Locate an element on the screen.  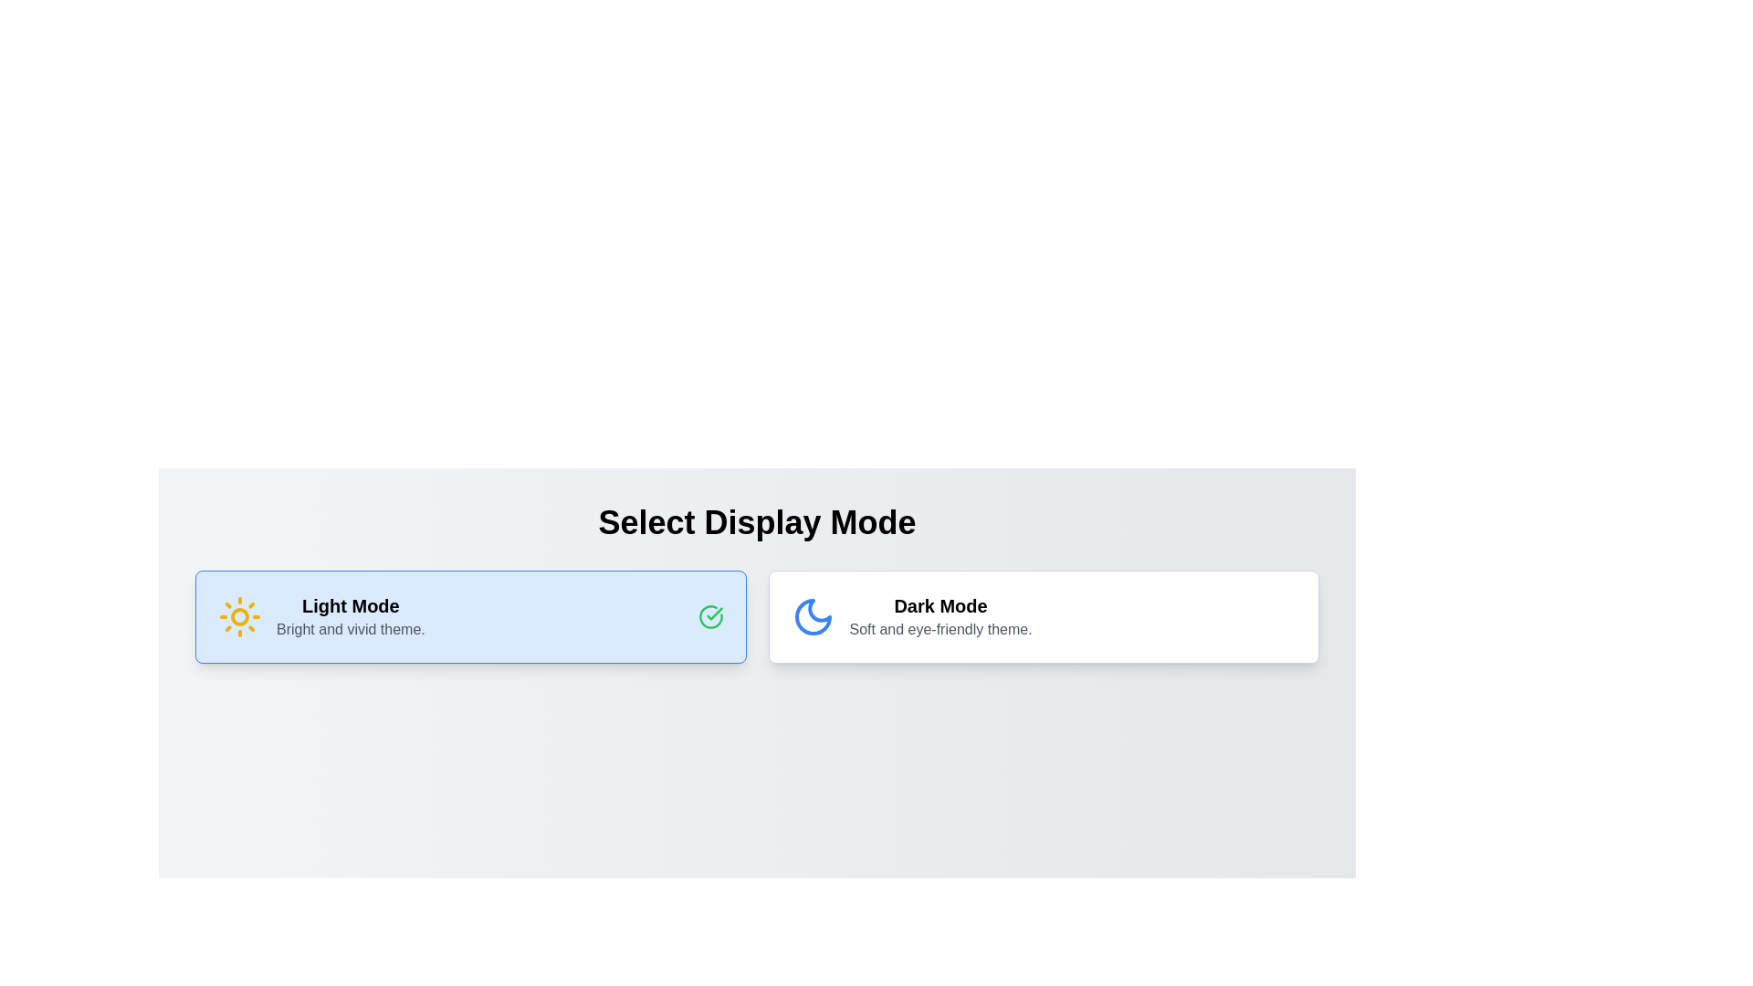
the 'Light Mode' text label located inside the leftmost selection box under the 'Select Display Mode' heading, adjacent to the sun icon is located at coordinates (351, 616).